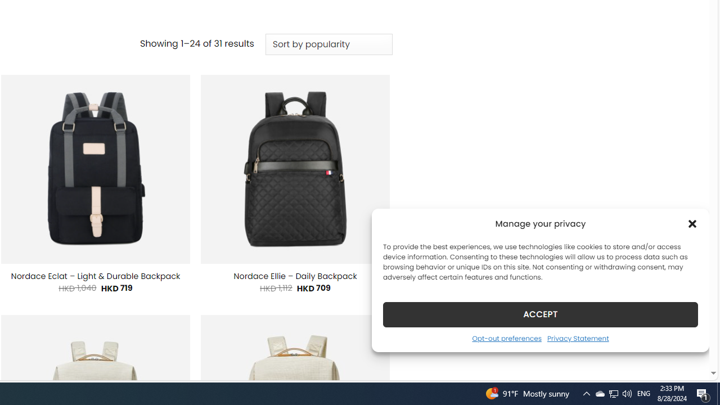 This screenshot has width=720, height=405. I want to click on 'Opt-out preferences', so click(506, 337).